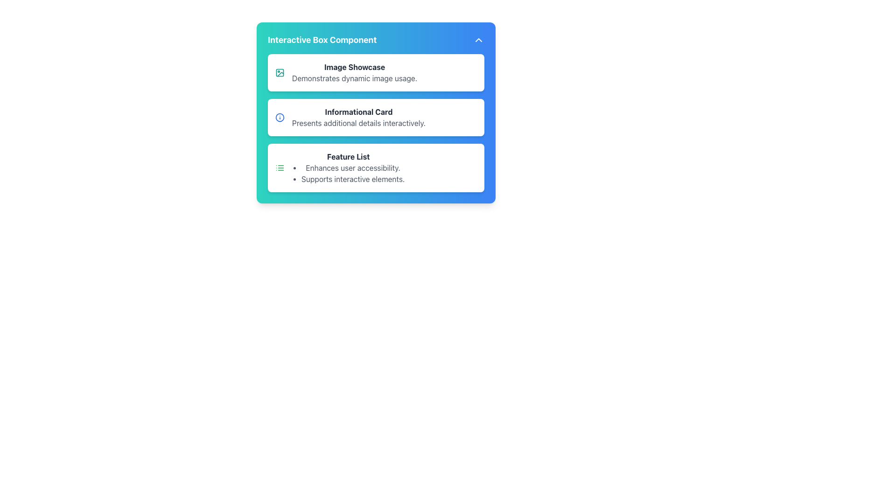 The height and width of the screenshot is (504, 896). Describe the element at coordinates (354, 66) in the screenshot. I see `the text label that serves as the headline for the section titled 'Image Showcase' located at the top of the first card` at that location.